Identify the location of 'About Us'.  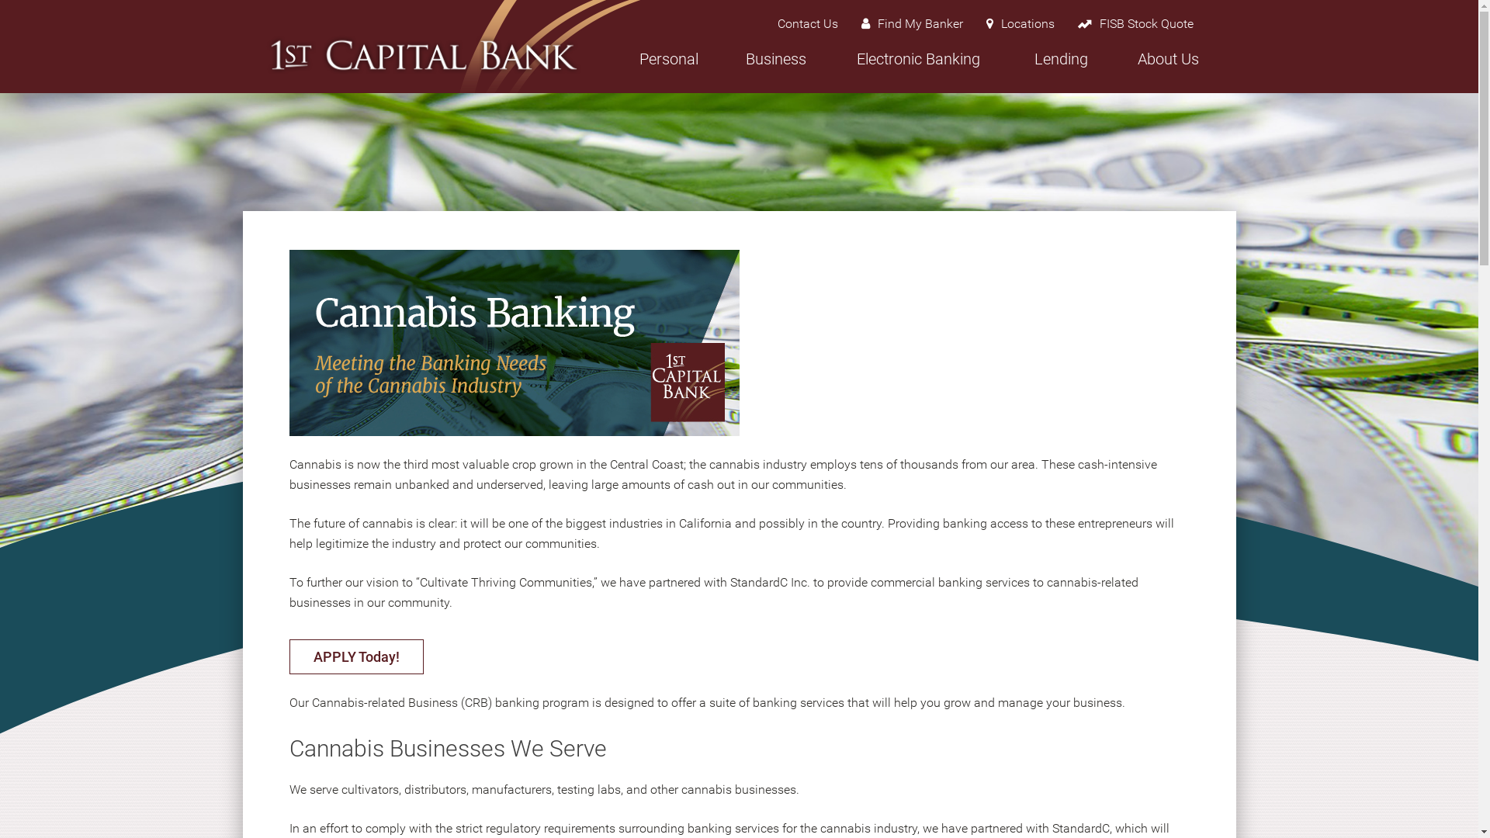
(1168, 67).